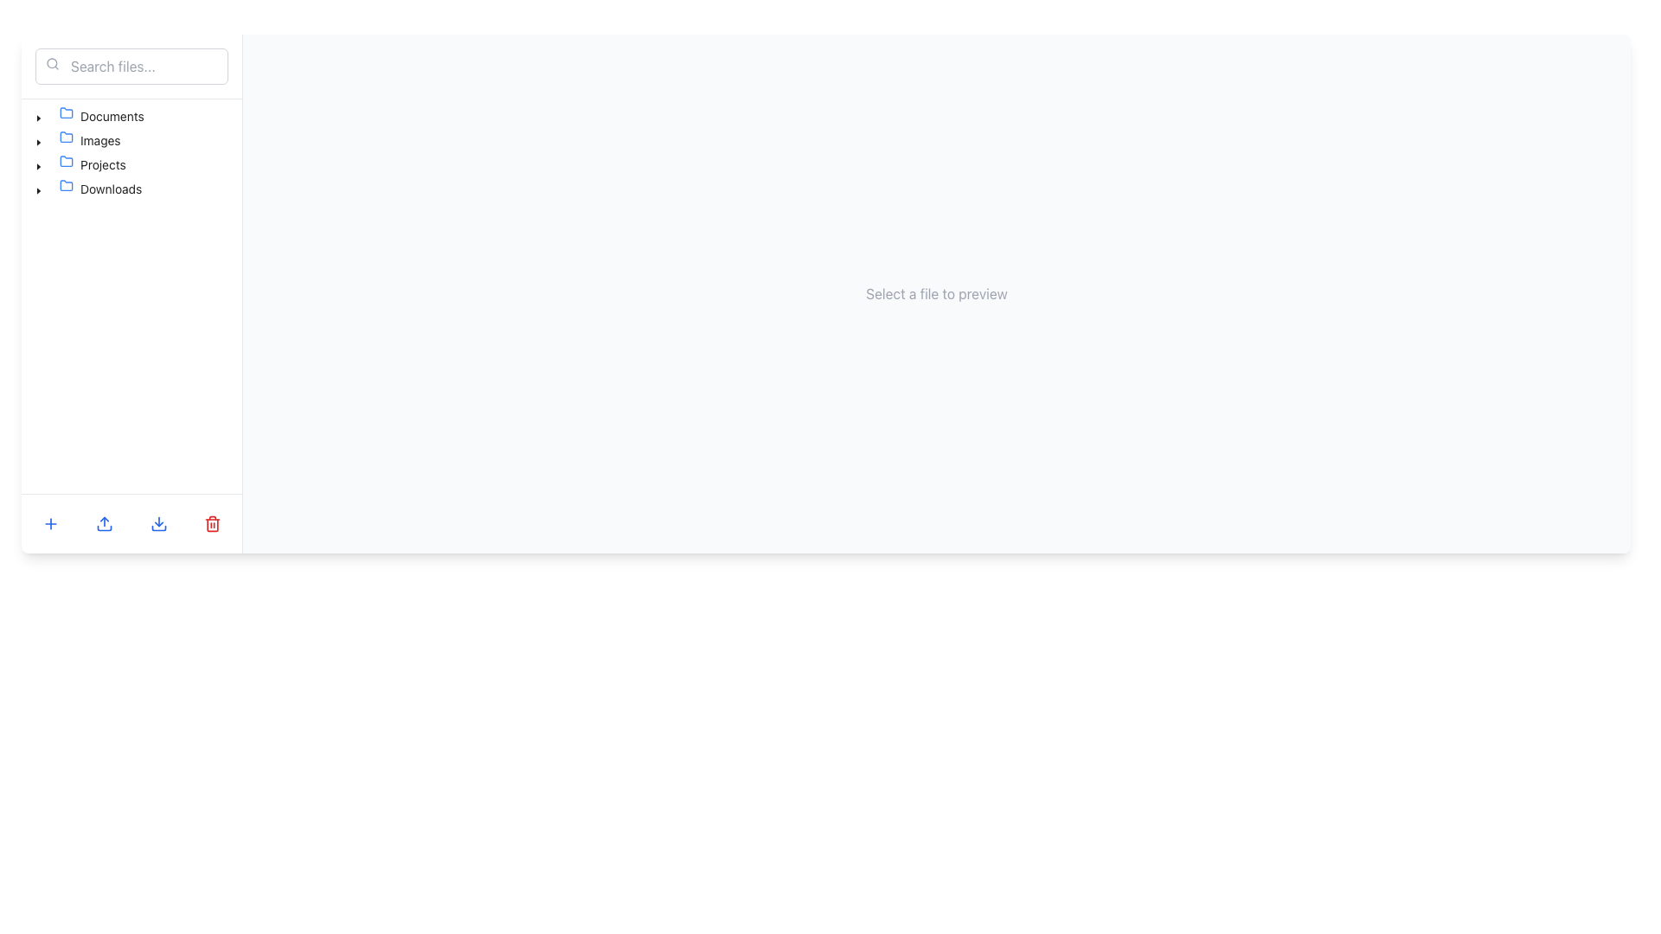 This screenshot has width=1661, height=934. I want to click on the folder icon located in the sidebar menu on the left side of the interface, which symbolizes a folder for organizing files, so click(66, 184).